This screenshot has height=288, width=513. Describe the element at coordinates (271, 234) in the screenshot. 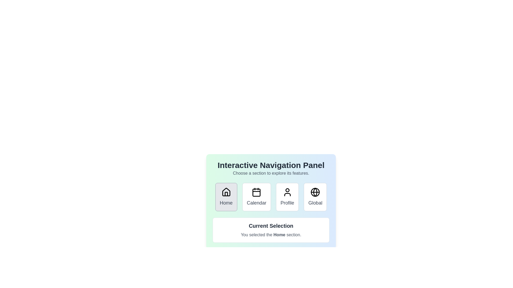

I see `text indicating the current active section, which is labeled 'Home' located in the 'Current Selection' subsection below the navigation section` at that location.